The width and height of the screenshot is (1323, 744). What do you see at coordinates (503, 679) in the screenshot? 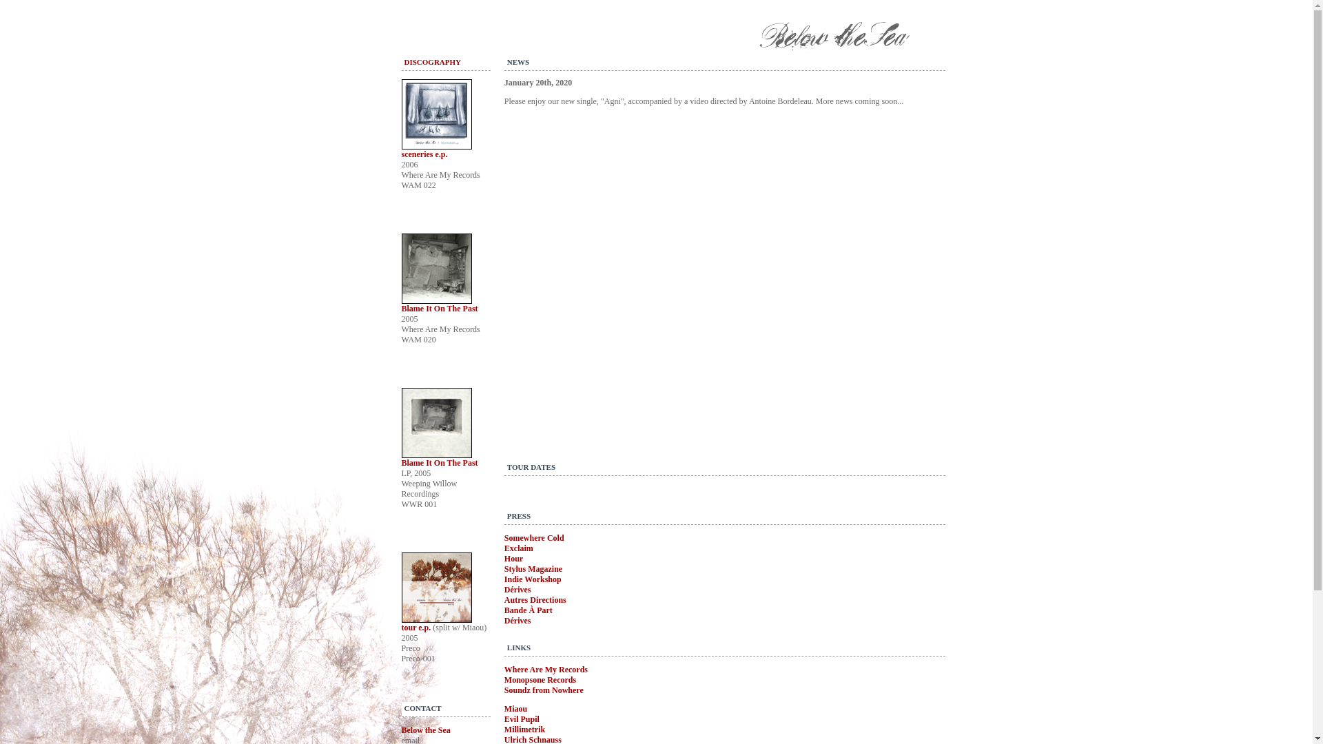
I see `'Monopsone Records'` at bounding box center [503, 679].